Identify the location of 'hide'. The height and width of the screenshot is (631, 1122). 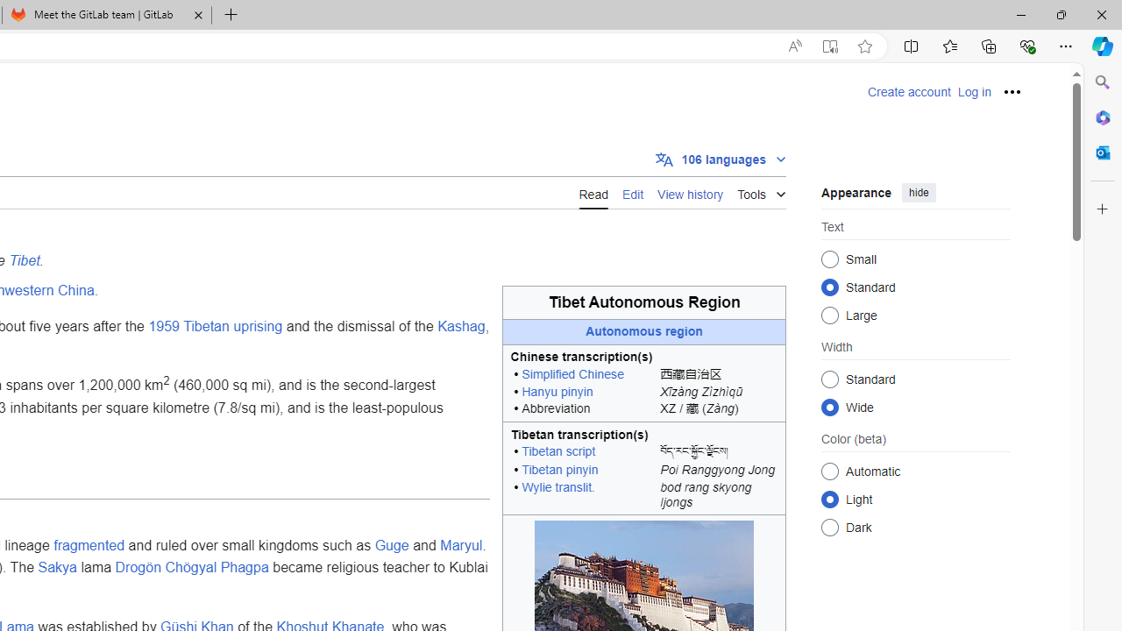
(918, 192).